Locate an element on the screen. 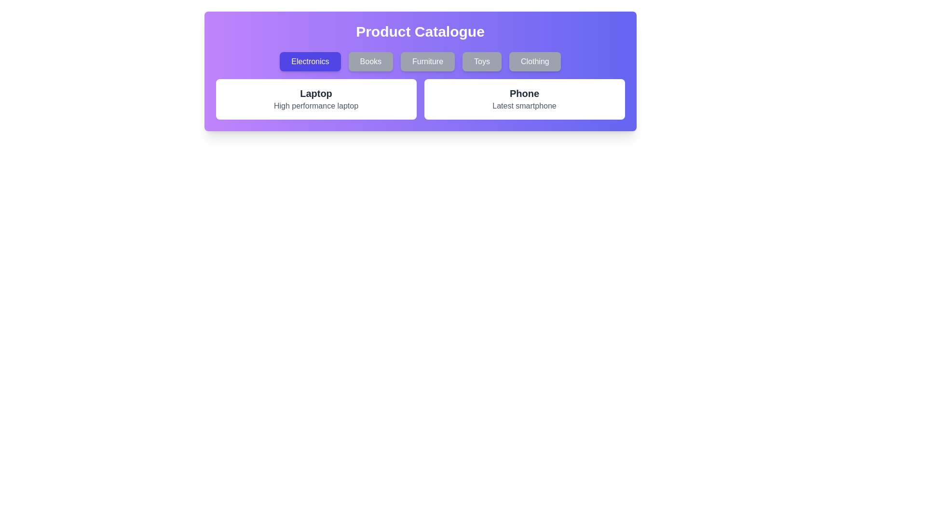 Image resolution: width=926 pixels, height=521 pixels. the product card for Phone is located at coordinates (524, 99).